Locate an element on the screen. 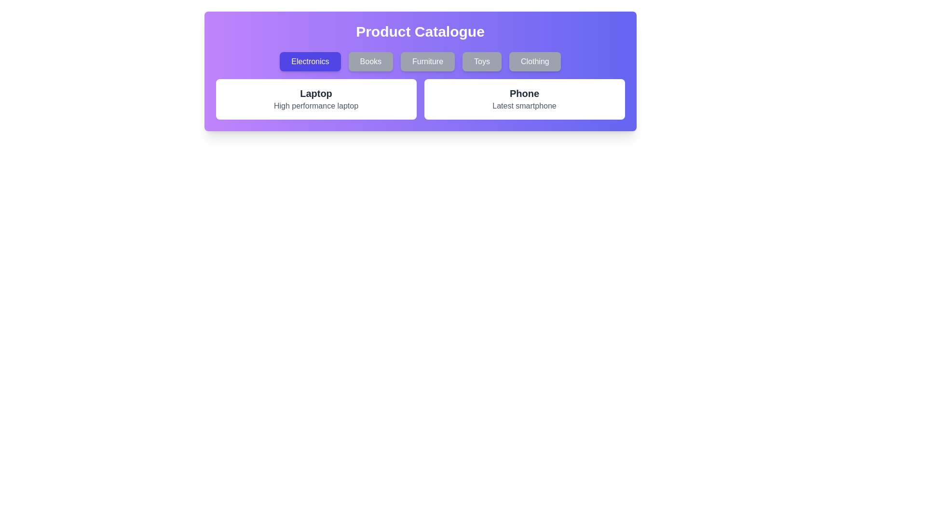 Image resolution: width=926 pixels, height=521 pixels. the product card for Phone is located at coordinates (524, 99).